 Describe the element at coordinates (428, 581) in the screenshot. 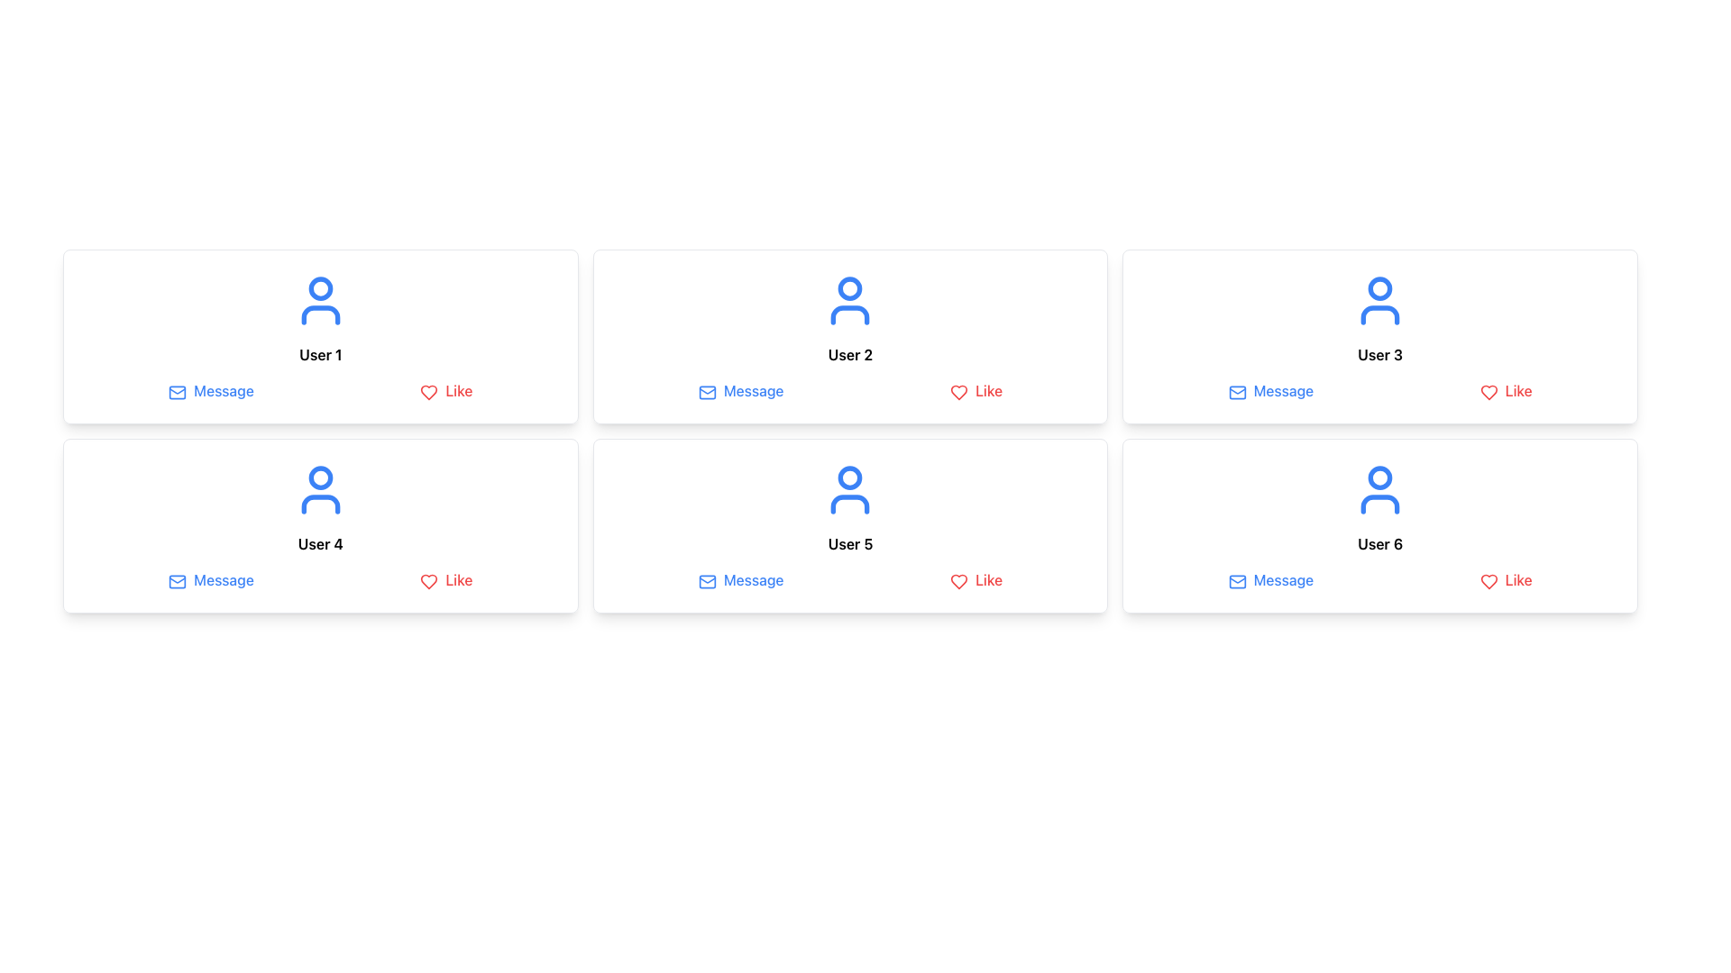

I see `the heart icon button located below the 'User 4' label to like the user` at that location.